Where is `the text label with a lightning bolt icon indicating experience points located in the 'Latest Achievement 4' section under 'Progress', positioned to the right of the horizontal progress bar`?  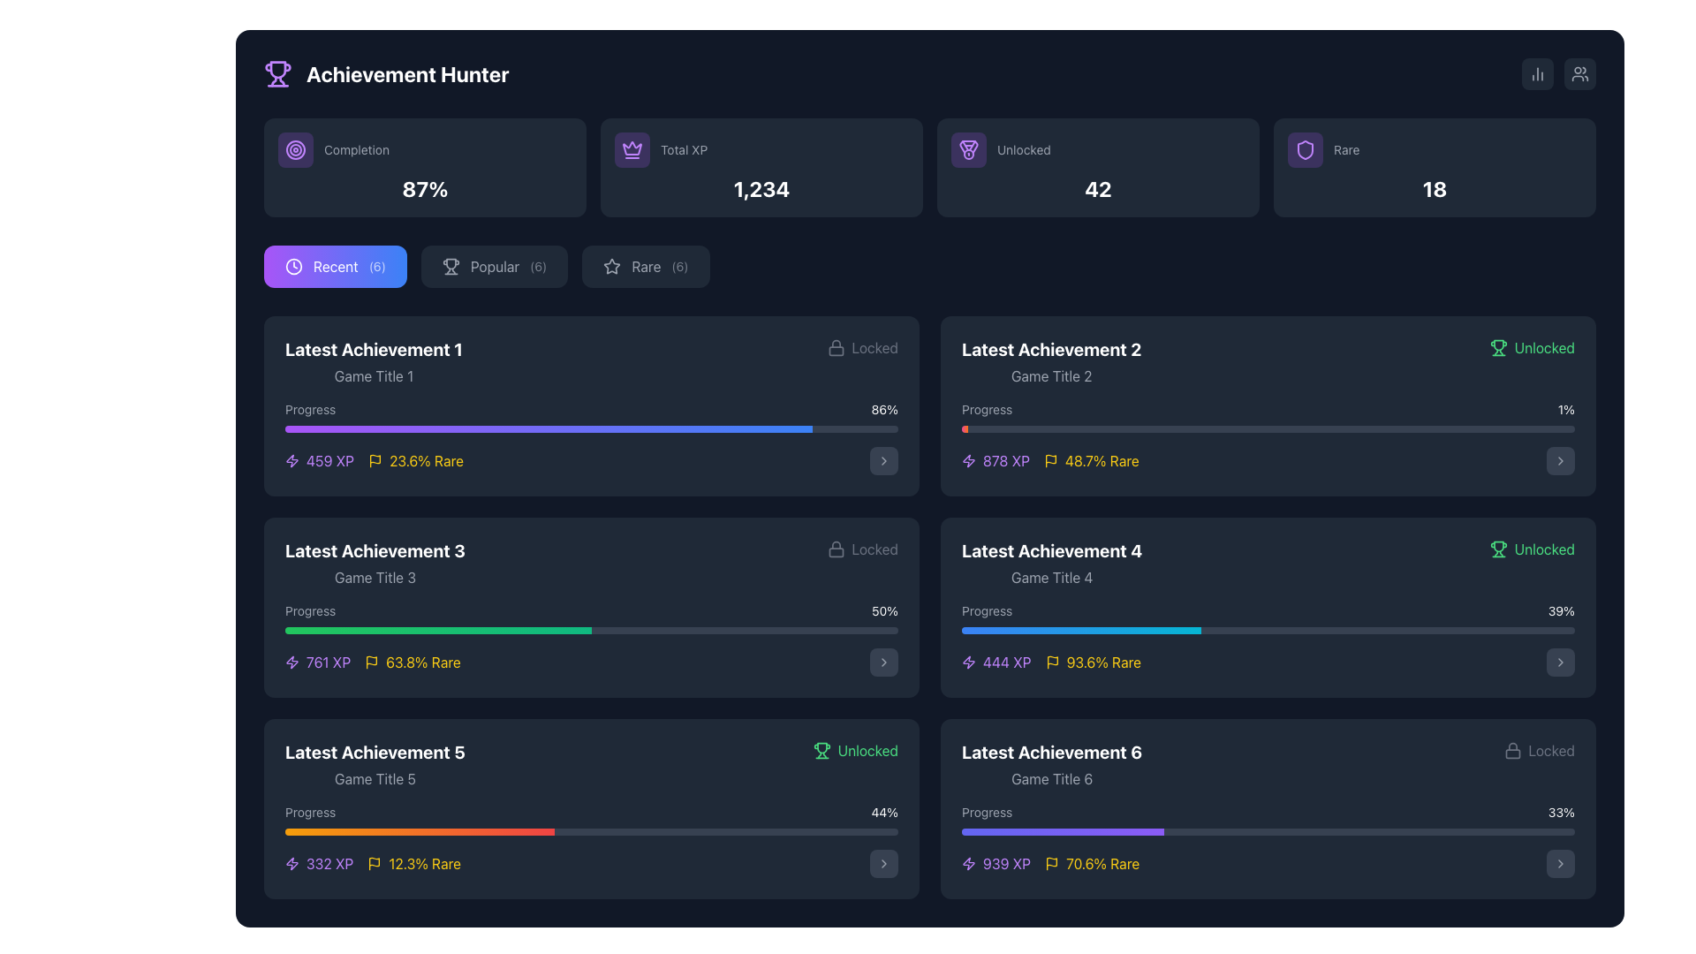 the text label with a lightning bolt icon indicating experience points located in the 'Latest Achievement 4' section under 'Progress', positioned to the right of the horizontal progress bar is located at coordinates (1007, 662).